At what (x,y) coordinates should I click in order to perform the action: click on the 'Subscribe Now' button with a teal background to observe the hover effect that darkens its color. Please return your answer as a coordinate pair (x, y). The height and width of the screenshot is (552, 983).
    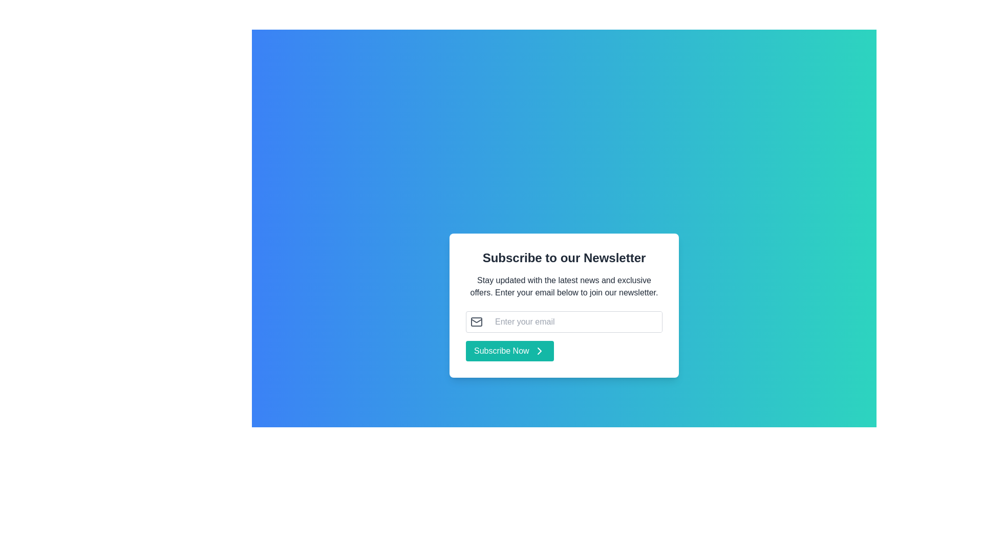
    Looking at the image, I should click on (509, 350).